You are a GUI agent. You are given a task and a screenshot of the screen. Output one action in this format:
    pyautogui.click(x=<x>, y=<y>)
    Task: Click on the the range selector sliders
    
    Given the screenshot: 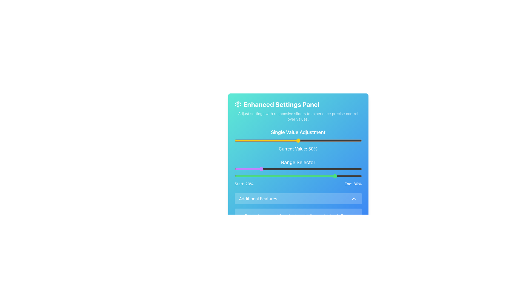 What is the action you would take?
    pyautogui.click(x=240, y=169)
    